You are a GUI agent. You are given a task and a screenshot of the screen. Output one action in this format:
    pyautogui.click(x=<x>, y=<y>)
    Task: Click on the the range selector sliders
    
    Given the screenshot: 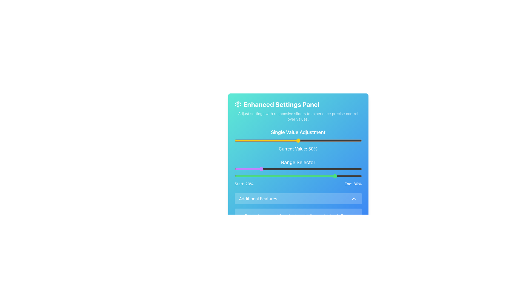 What is the action you would take?
    pyautogui.click(x=240, y=169)
    